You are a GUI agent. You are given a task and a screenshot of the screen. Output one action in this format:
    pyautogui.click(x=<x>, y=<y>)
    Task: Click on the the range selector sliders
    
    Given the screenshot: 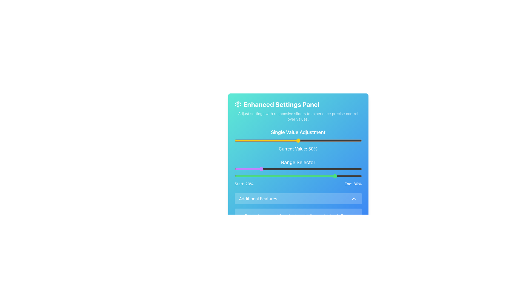 What is the action you would take?
    pyautogui.click(x=240, y=169)
    